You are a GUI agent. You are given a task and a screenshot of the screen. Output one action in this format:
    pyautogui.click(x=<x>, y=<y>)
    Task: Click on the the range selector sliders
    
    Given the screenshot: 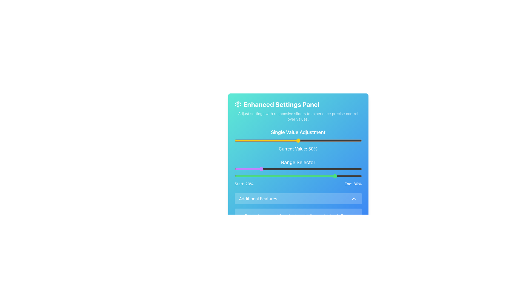 What is the action you would take?
    pyautogui.click(x=240, y=169)
    